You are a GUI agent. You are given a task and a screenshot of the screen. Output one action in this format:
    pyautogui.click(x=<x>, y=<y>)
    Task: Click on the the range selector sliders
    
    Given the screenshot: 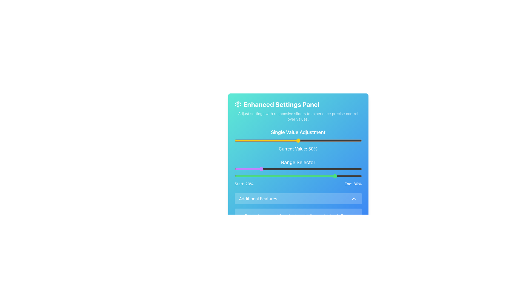 What is the action you would take?
    pyautogui.click(x=240, y=169)
    